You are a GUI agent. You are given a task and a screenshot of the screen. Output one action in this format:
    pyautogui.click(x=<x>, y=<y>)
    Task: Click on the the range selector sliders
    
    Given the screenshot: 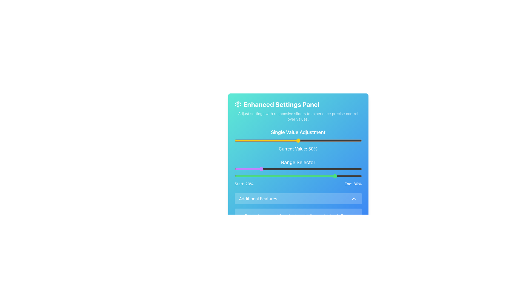 What is the action you would take?
    pyautogui.click(x=240, y=169)
    